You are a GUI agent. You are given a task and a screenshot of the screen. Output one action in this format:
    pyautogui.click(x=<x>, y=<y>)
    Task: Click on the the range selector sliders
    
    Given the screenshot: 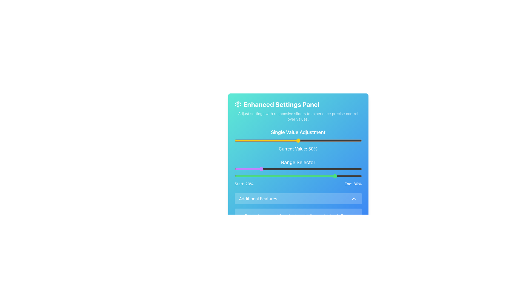 What is the action you would take?
    pyautogui.click(x=240, y=169)
    